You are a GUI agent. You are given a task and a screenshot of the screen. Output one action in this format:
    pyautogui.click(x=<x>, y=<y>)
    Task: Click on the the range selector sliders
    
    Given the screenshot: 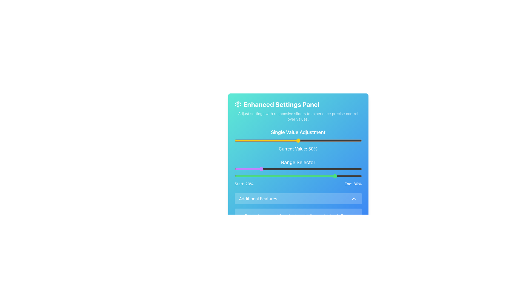 What is the action you would take?
    pyautogui.click(x=240, y=169)
    